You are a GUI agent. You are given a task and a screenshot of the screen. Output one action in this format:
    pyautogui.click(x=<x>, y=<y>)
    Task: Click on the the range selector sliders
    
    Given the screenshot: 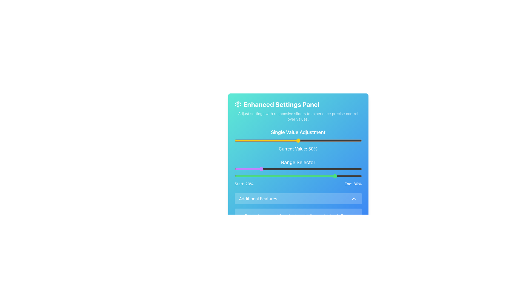 What is the action you would take?
    pyautogui.click(x=240, y=169)
    